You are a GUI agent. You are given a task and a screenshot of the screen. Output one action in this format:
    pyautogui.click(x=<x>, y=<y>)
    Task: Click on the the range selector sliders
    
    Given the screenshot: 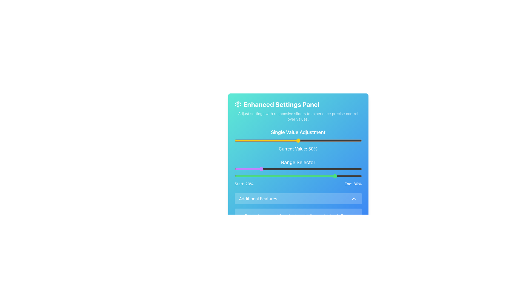 What is the action you would take?
    pyautogui.click(x=240, y=169)
    